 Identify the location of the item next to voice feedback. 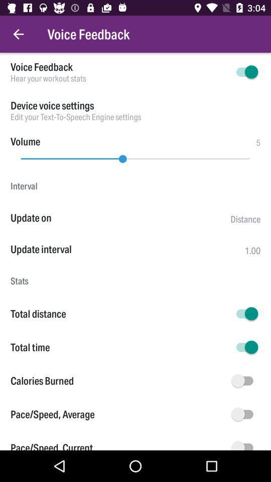
(18, 34).